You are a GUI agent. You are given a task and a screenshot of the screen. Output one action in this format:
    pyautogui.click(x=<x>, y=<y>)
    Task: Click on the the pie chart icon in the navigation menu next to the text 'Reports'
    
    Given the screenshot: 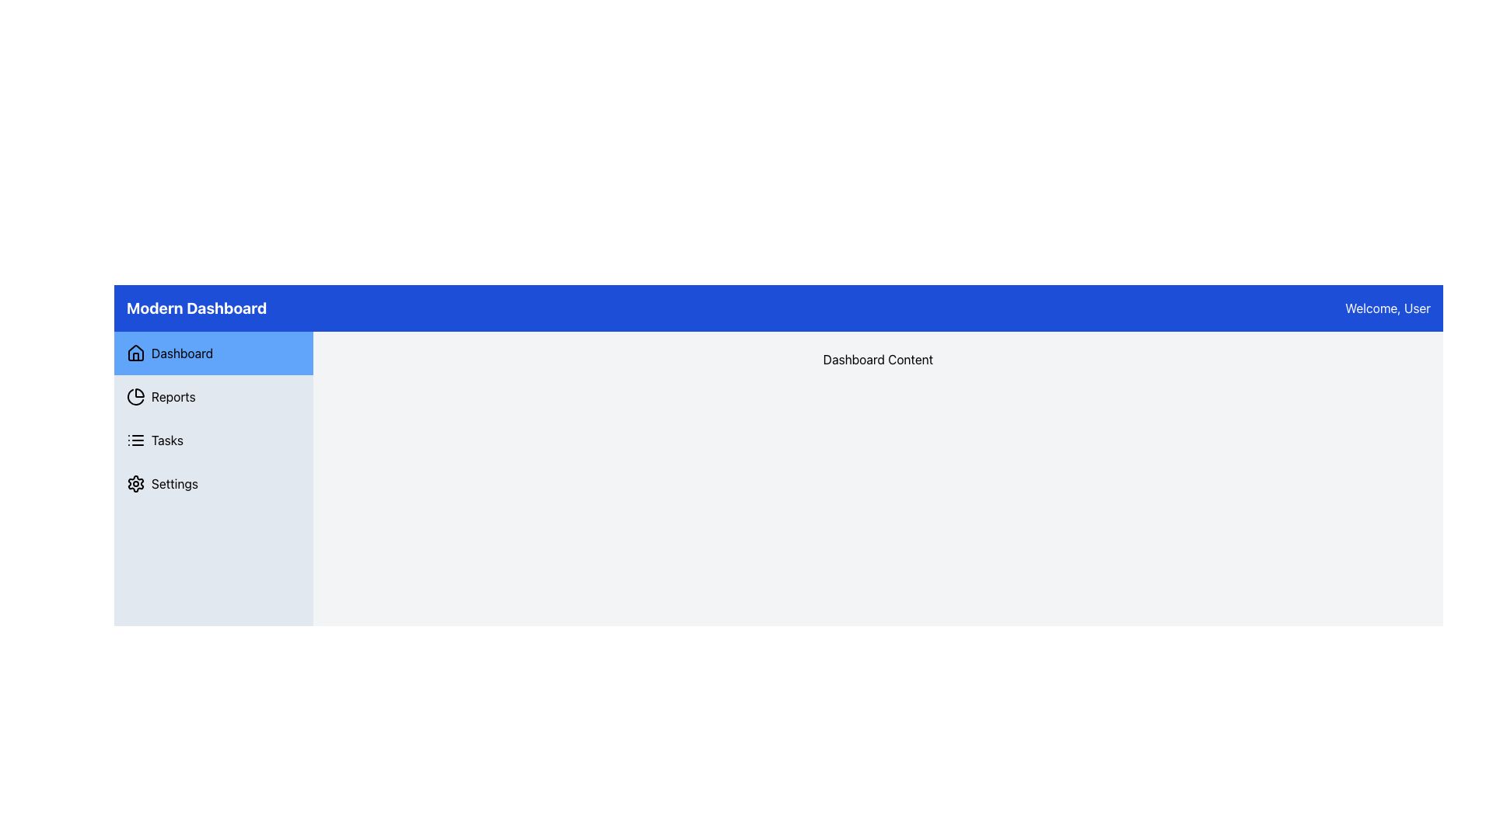 What is the action you would take?
    pyautogui.click(x=135, y=395)
    